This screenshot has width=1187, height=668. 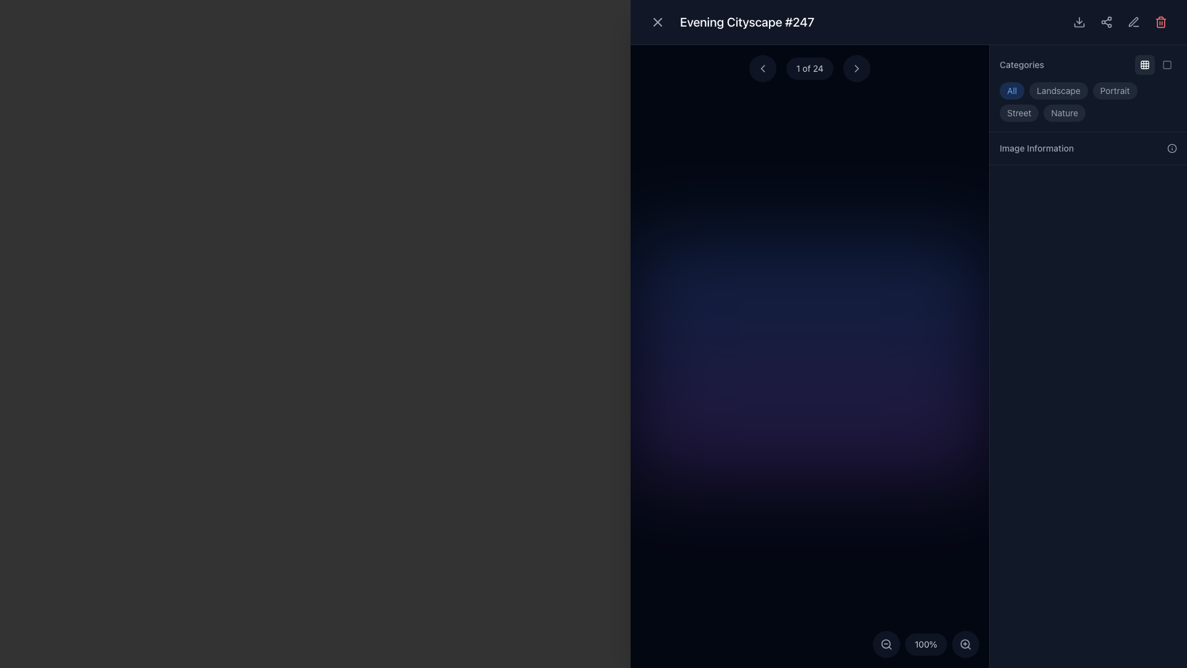 What do you see at coordinates (1079, 22) in the screenshot?
I see `the download icon button located at the top-right corner of the interface` at bounding box center [1079, 22].